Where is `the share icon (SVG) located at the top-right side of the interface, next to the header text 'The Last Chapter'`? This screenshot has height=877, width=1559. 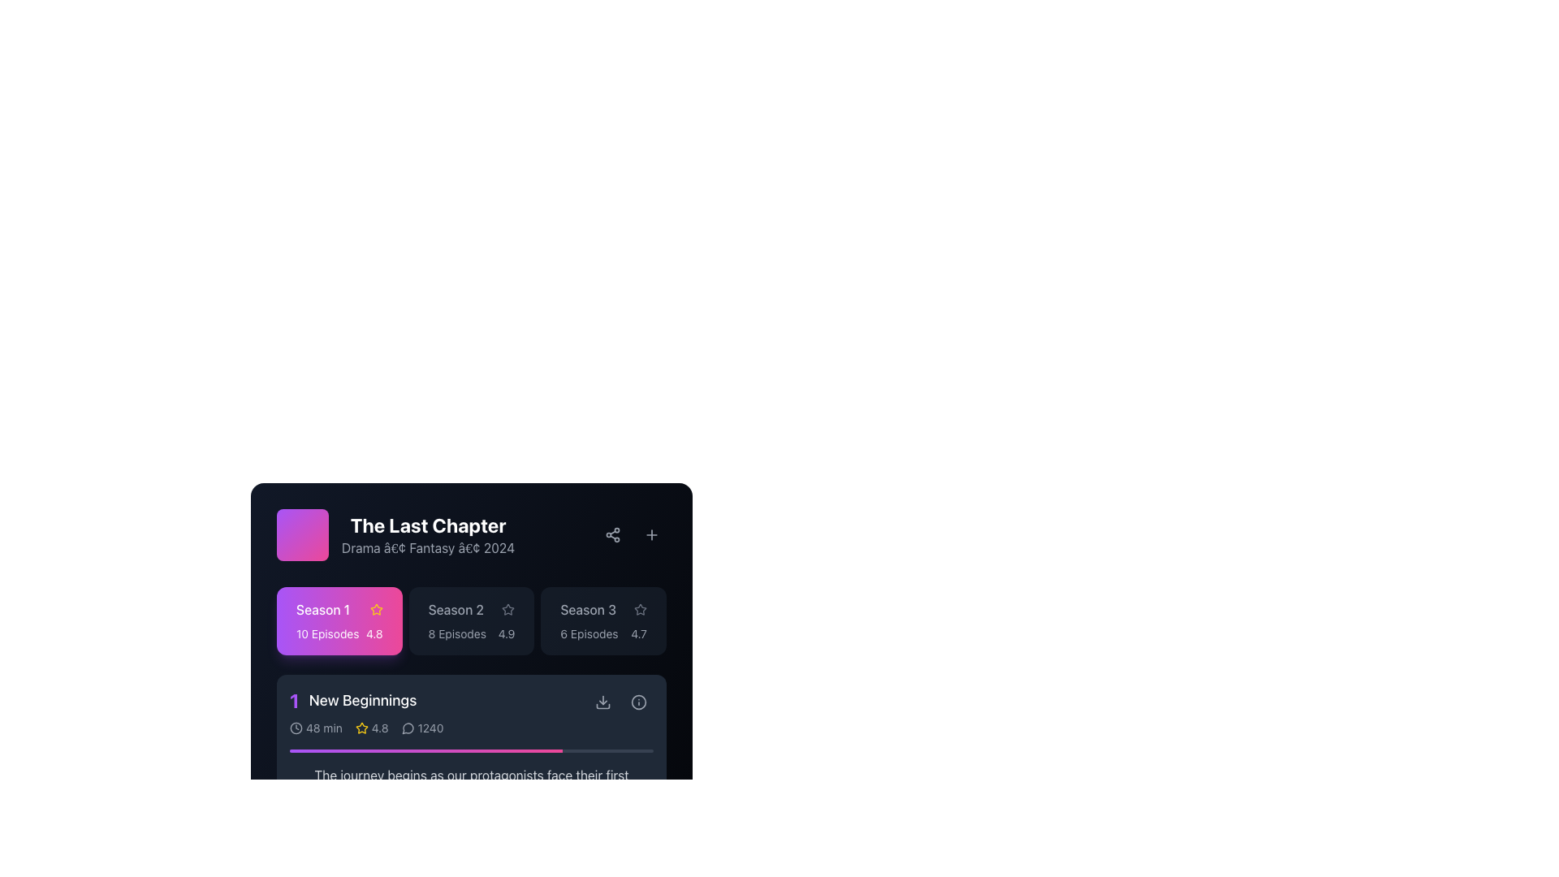
the share icon (SVG) located at the top-right side of the interface, next to the header text 'The Last Chapter' is located at coordinates (611, 535).